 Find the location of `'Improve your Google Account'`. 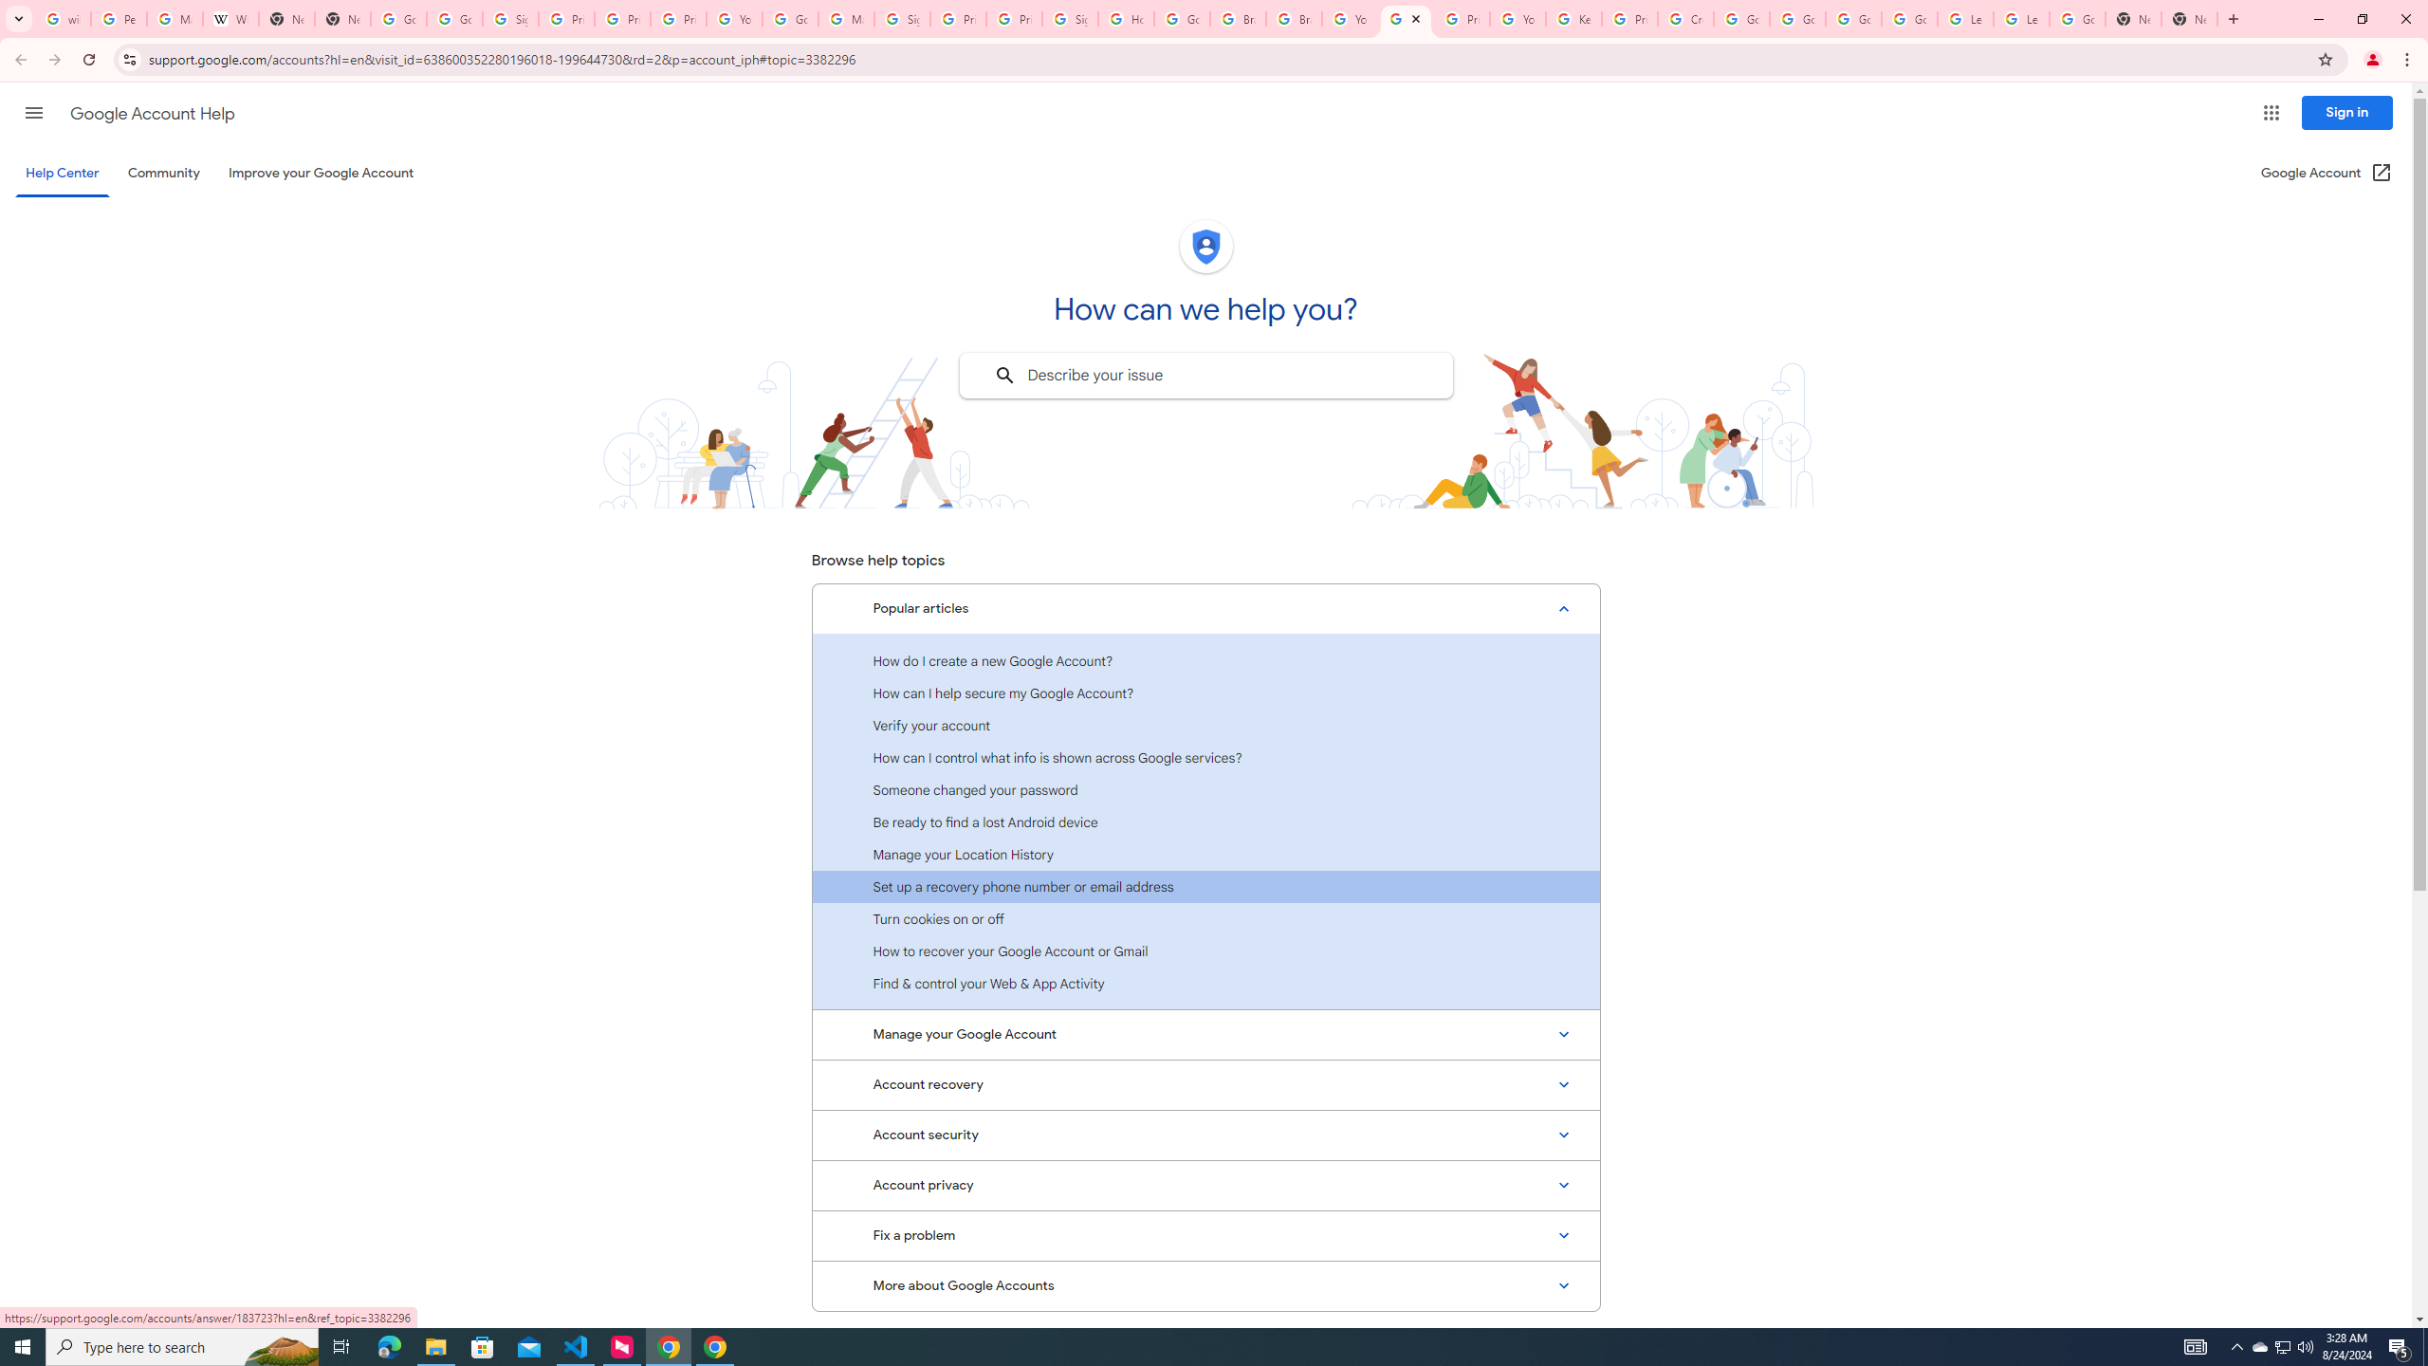

'Improve your Google Account' is located at coordinates (321, 172).